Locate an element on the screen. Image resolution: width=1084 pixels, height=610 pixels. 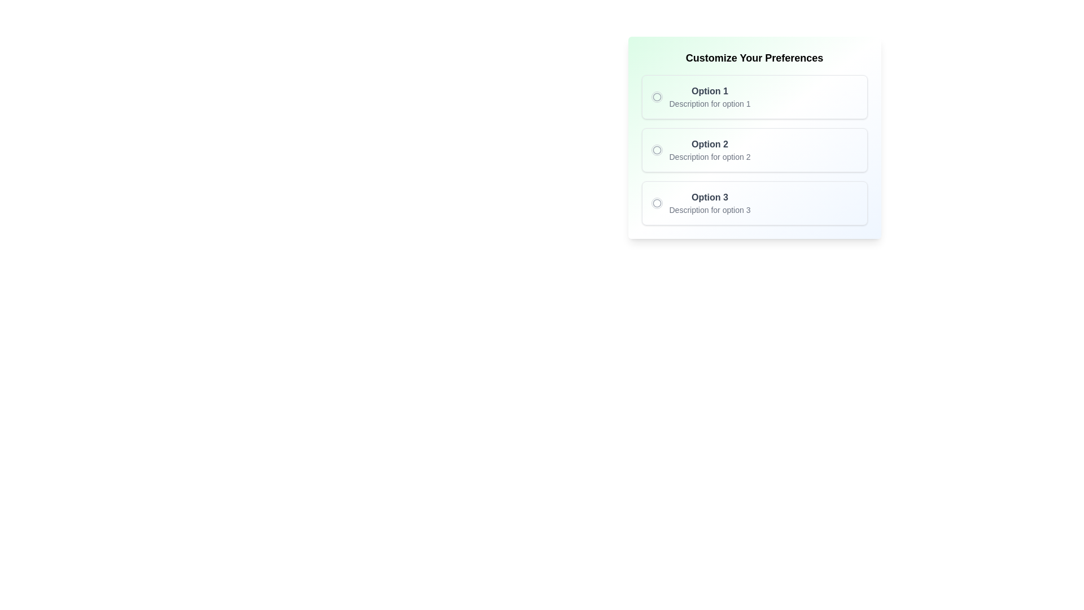
the text label that displays 'Option 3', which is styled in bold dark gray and located within the third option of a vertical list under 'Customize Your Preferences' is located at coordinates (709, 197).